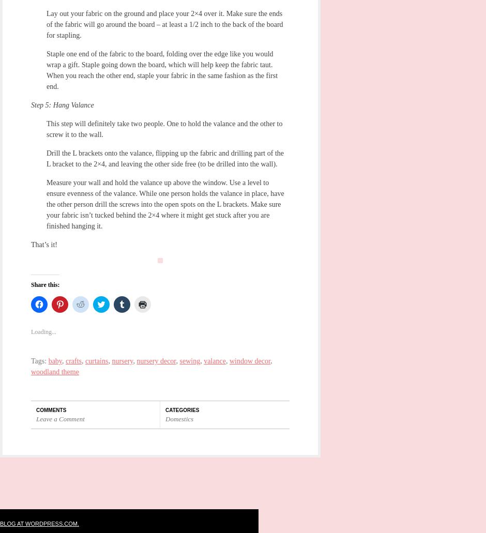 The width and height of the screenshot is (486, 533). What do you see at coordinates (156, 361) in the screenshot?
I see `'nursery decor'` at bounding box center [156, 361].